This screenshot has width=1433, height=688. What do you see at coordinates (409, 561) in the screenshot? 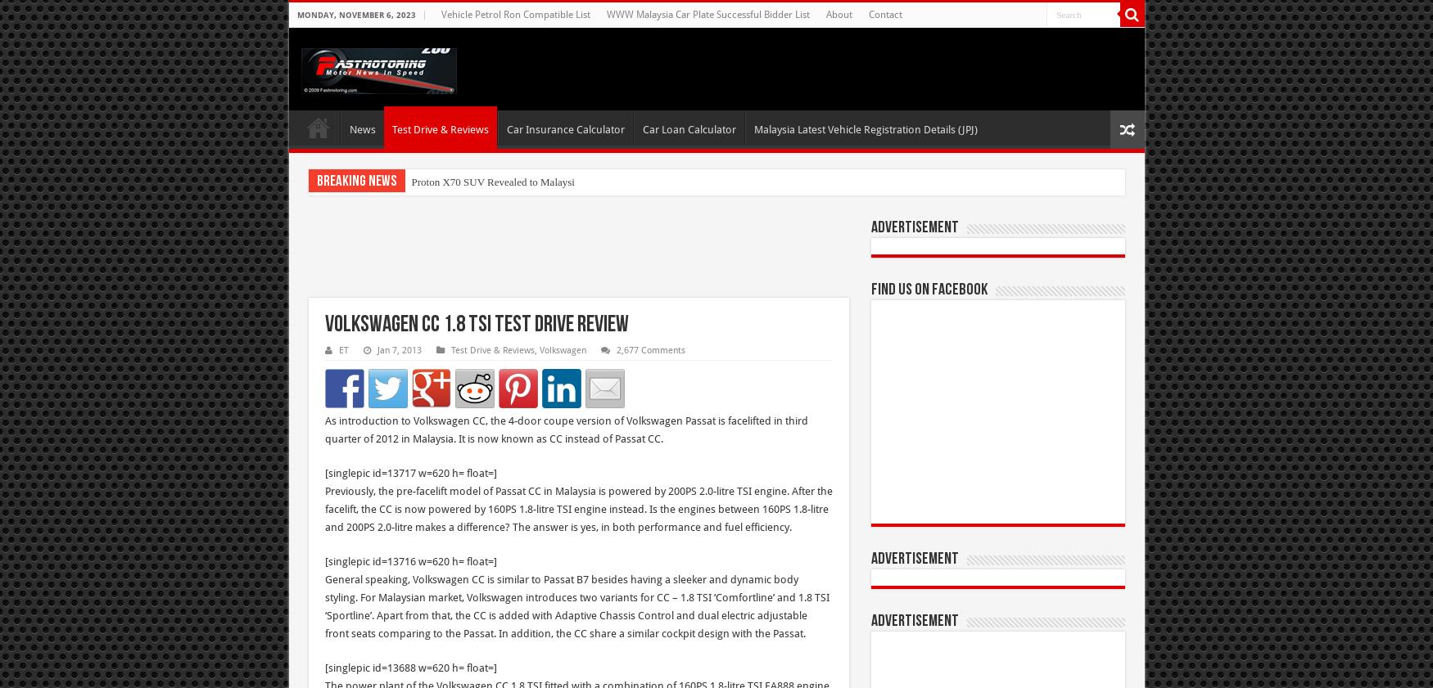
I see `'[singlepic id=13716 w=620 h= float=]'` at bounding box center [409, 561].